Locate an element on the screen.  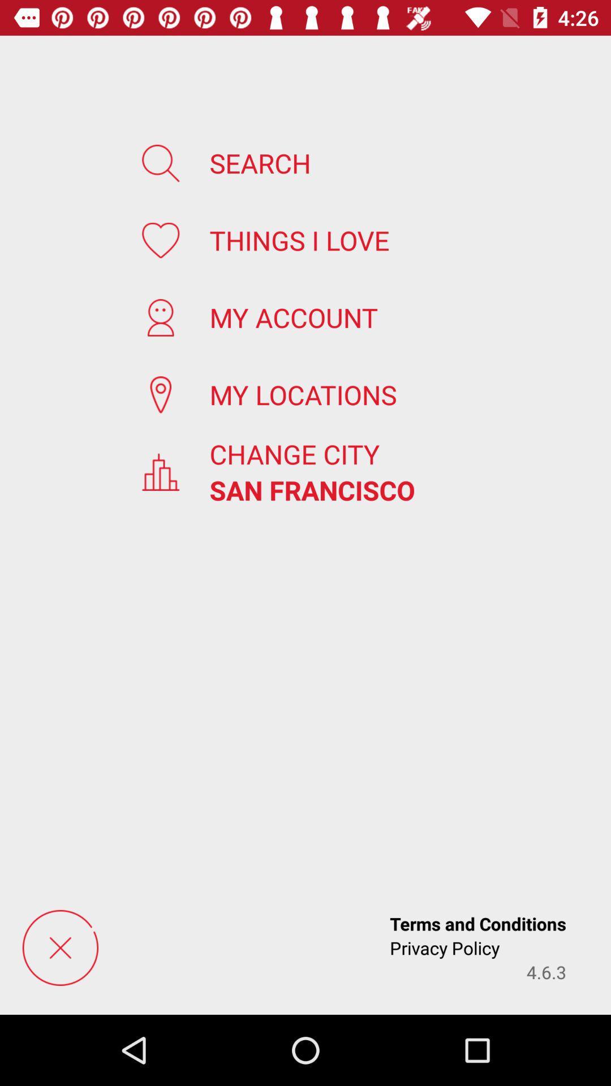
app below the my account icon is located at coordinates (302, 394).